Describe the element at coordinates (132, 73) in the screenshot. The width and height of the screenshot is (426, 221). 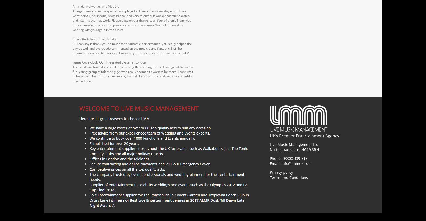
I see `'The band was fantastic, completely making the evening for us. It was great to have a fun, young group of talented guys who really seemed to want to be there. I can't wait to have them back for our next event; I would like to think it could become something of a tradition.'` at that location.